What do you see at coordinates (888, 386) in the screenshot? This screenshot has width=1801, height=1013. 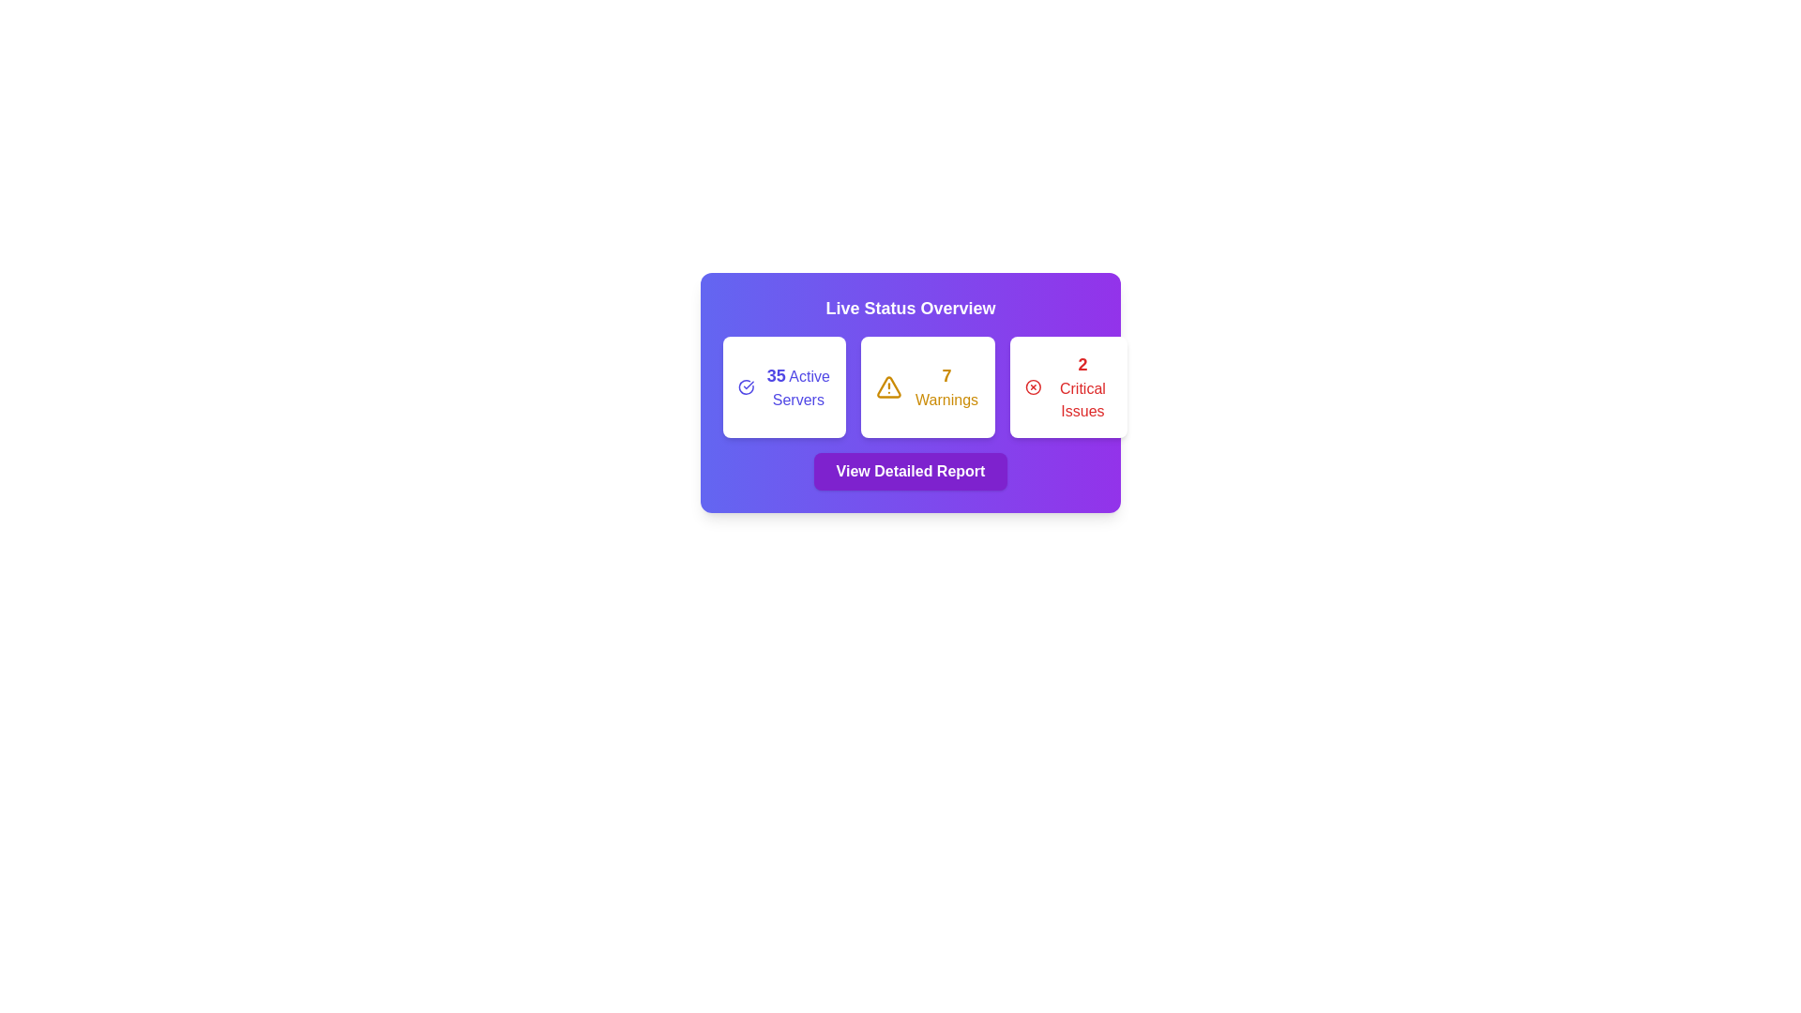 I see `the warning indicator icon located in the middle section of the dashboard card, which is positioned above the text '7 Warnings'` at bounding box center [888, 386].